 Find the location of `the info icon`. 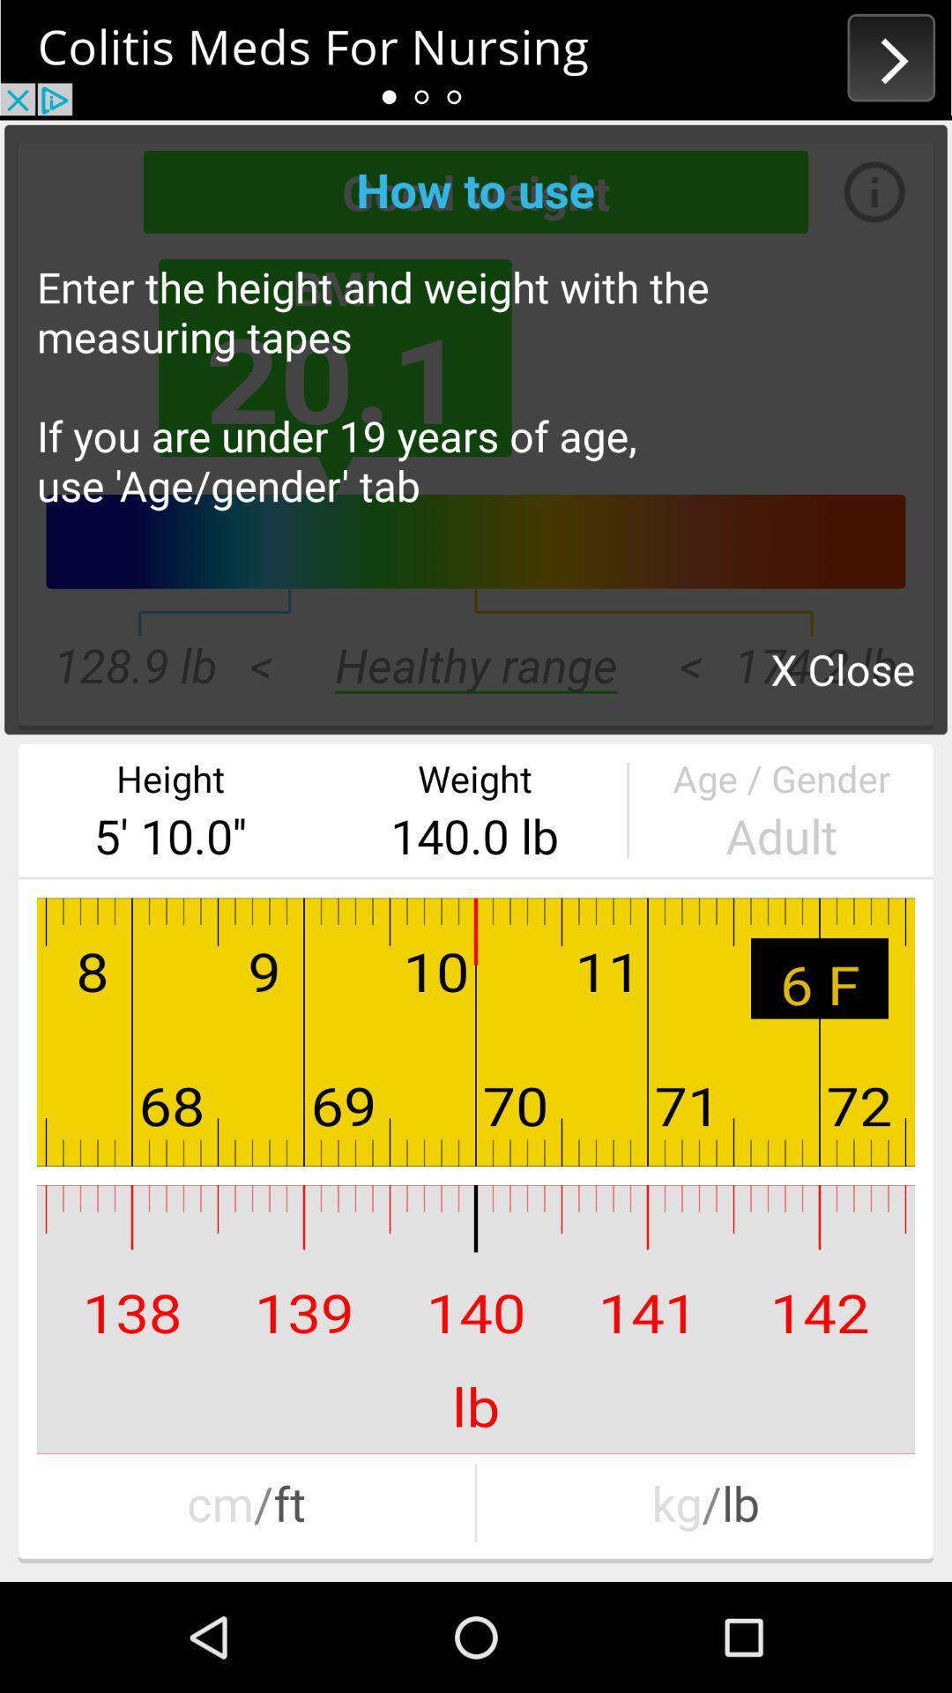

the info icon is located at coordinates (856, 191).